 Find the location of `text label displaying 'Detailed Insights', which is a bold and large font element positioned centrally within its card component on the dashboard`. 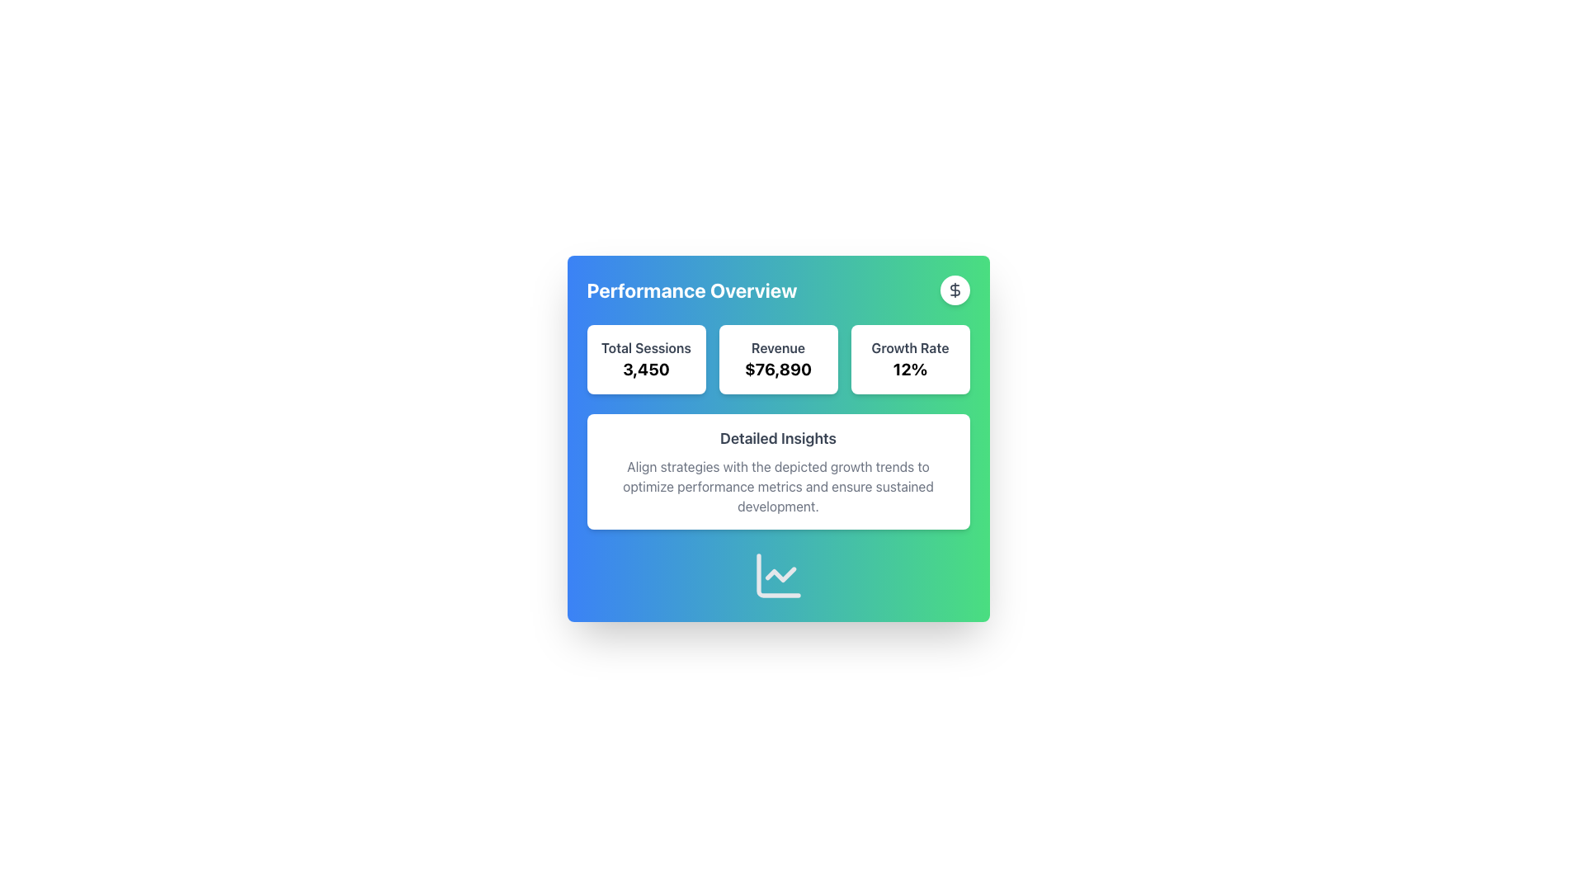

text label displaying 'Detailed Insights', which is a bold and large font element positioned centrally within its card component on the dashboard is located at coordinates (777, 438).